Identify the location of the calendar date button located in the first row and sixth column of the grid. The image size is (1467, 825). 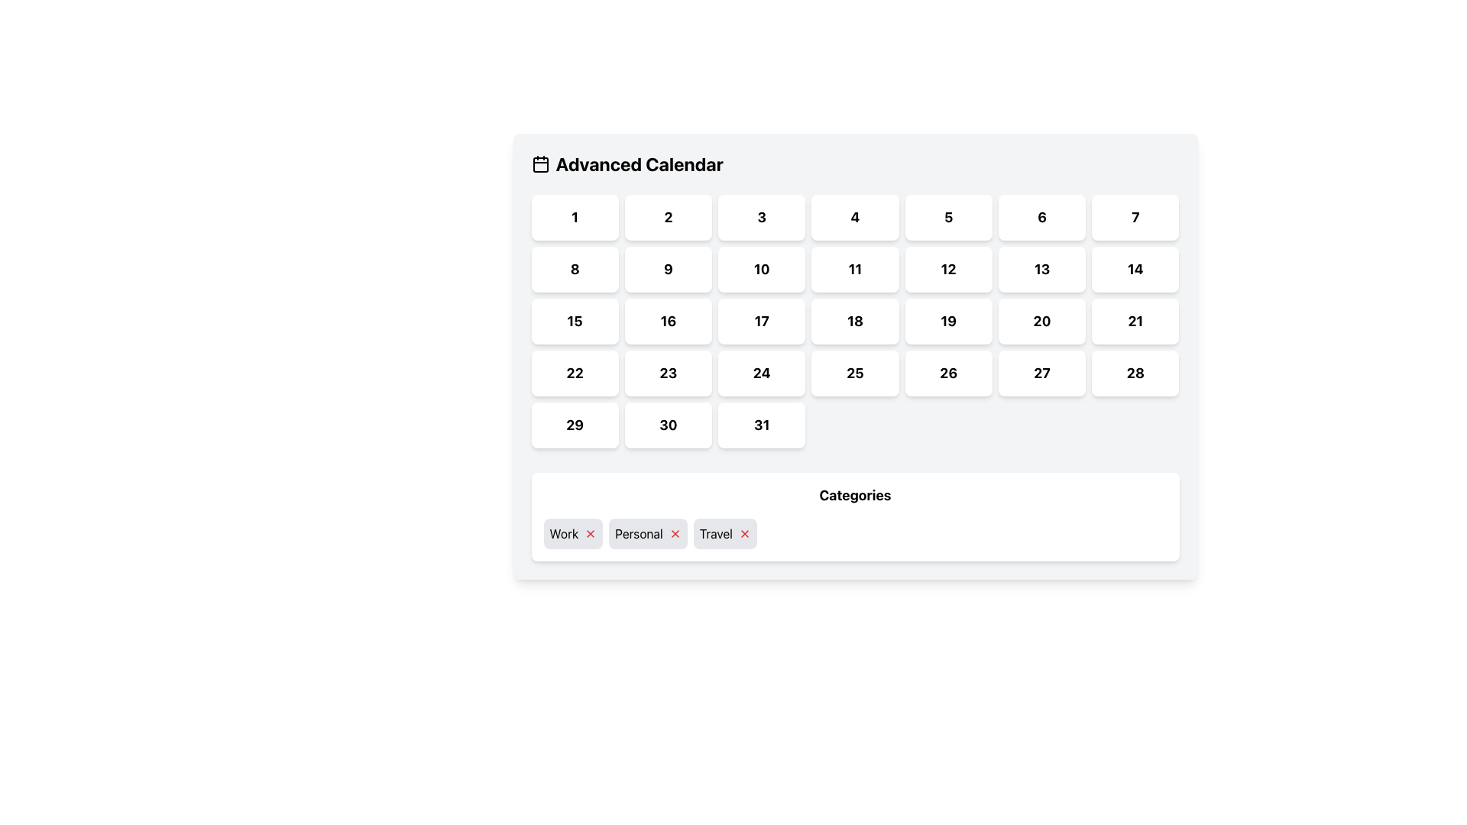
(1041, 218).